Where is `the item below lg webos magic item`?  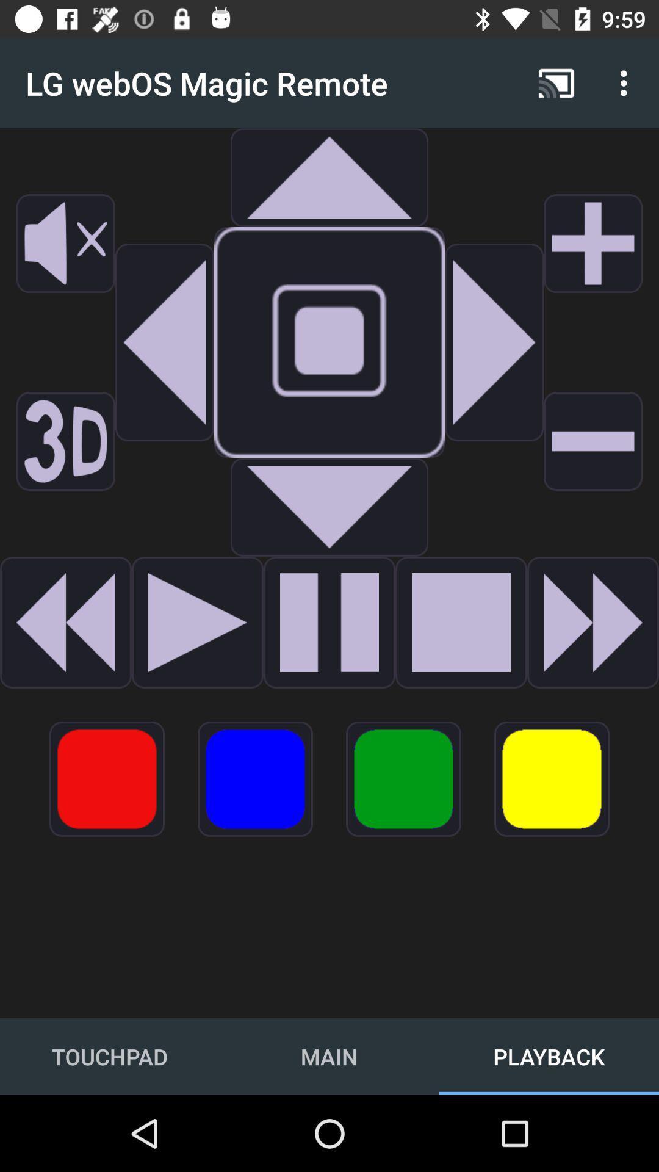
the item below lg webos magic item is located at coordinates (329, 177).